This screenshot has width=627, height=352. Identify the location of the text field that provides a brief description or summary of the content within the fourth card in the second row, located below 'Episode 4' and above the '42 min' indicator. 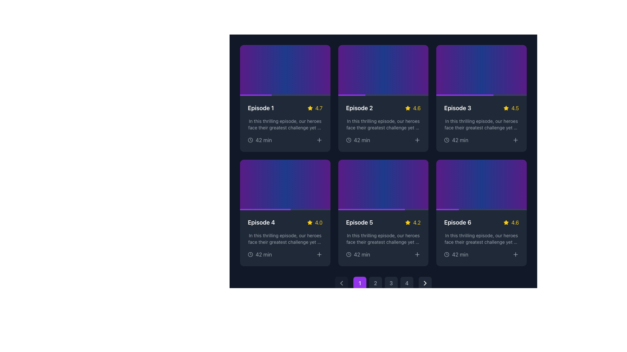
(285, 239).